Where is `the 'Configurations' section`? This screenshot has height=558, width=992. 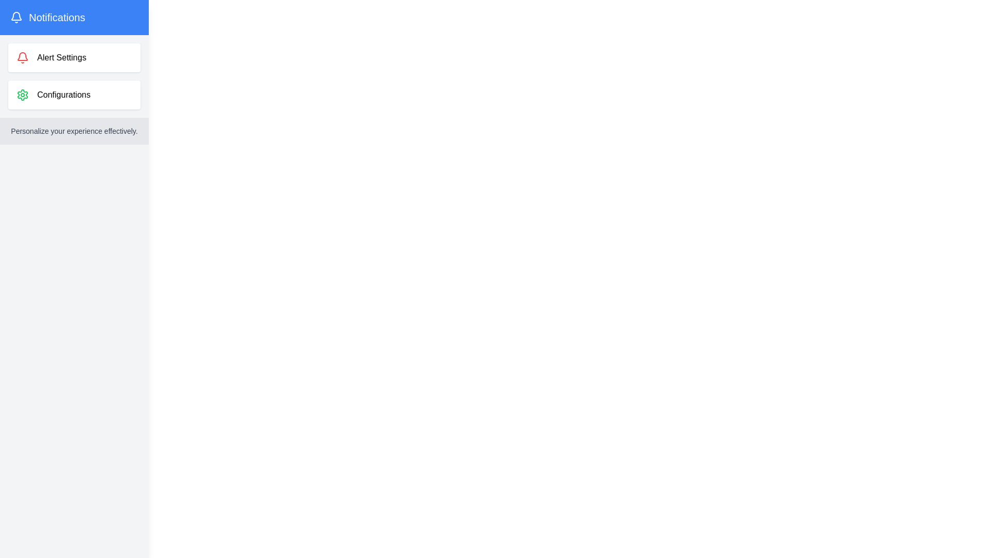
the 'Configurations' section is located at coordinates (74, 95).